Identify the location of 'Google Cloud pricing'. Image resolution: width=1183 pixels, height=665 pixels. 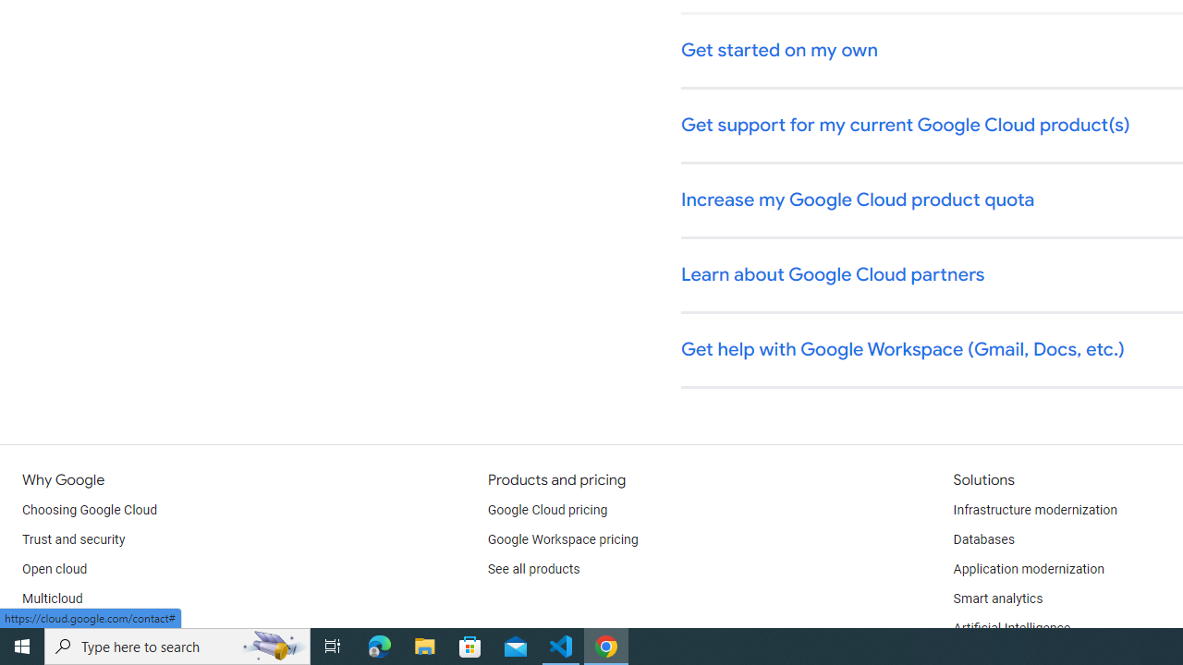
(546, 510).